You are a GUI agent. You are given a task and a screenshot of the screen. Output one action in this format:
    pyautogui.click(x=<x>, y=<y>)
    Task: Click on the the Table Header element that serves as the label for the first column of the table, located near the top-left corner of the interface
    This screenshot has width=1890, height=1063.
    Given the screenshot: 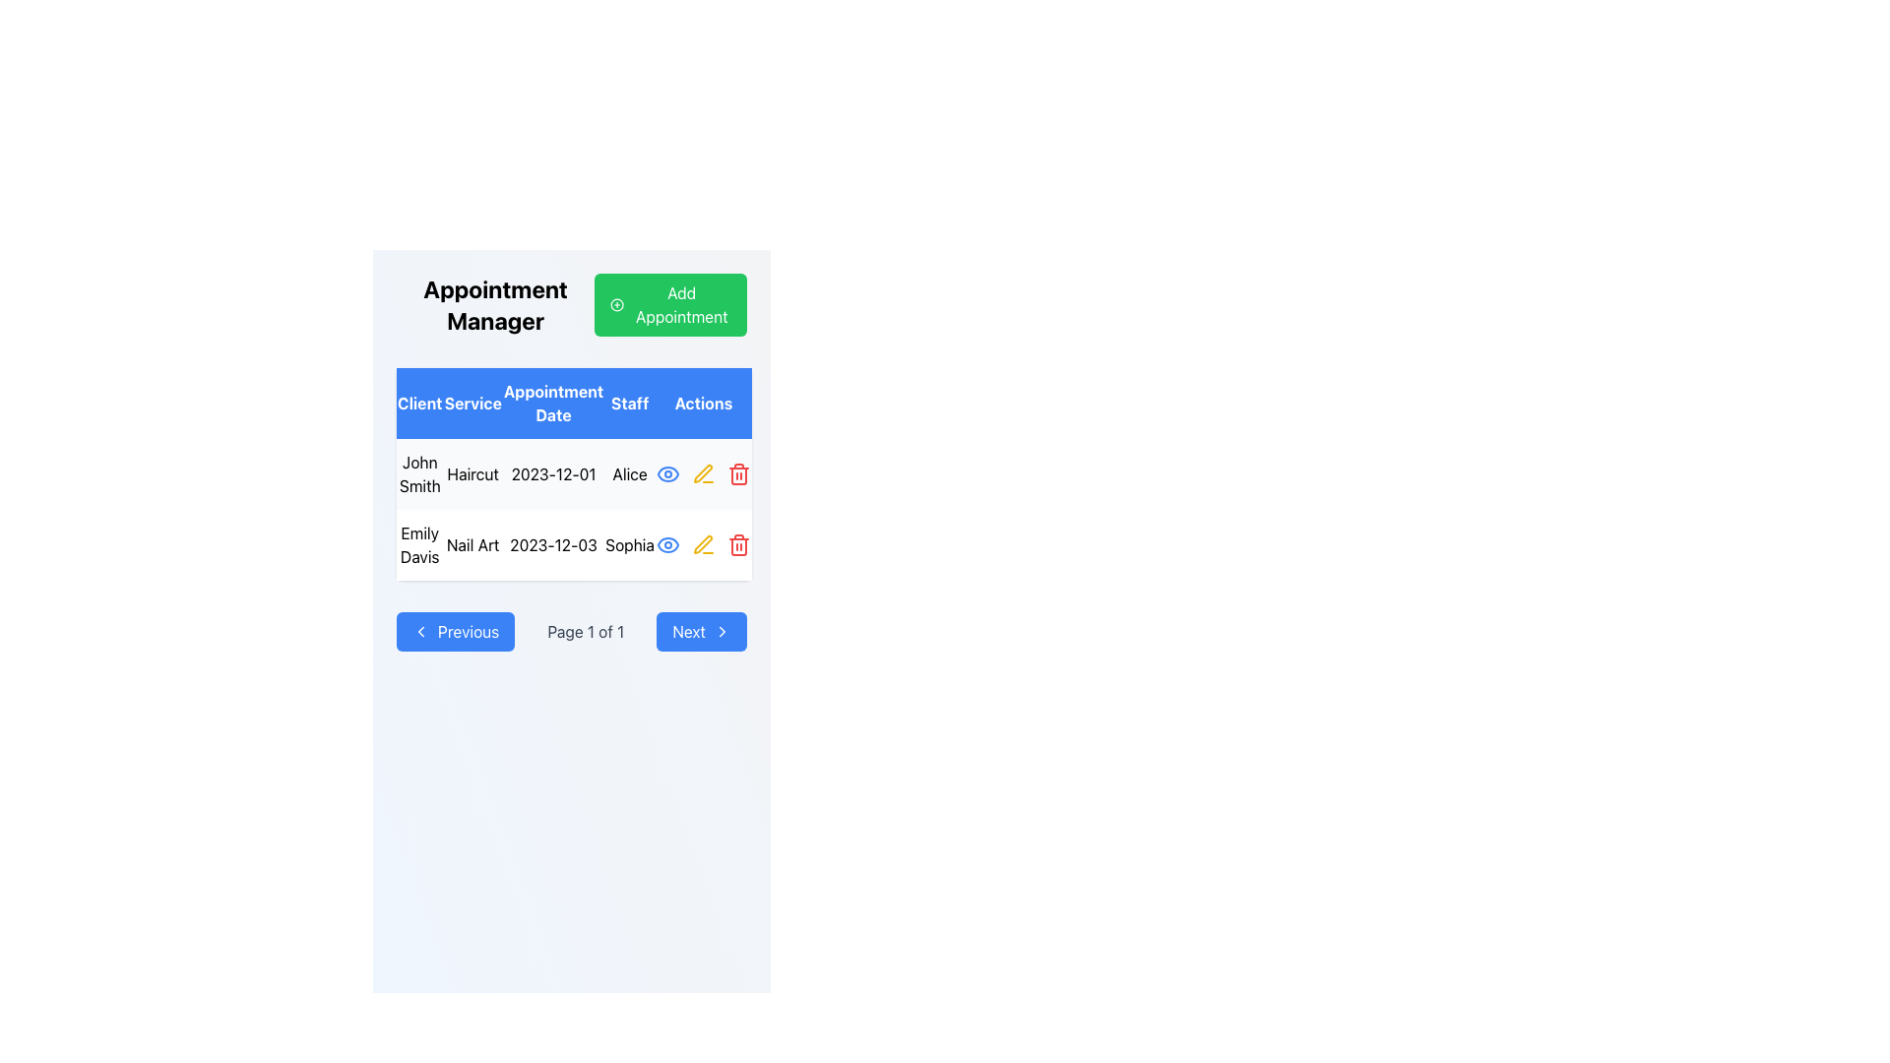 What is the action you would take?
    pyautogui.click(x=418, y=402)
    